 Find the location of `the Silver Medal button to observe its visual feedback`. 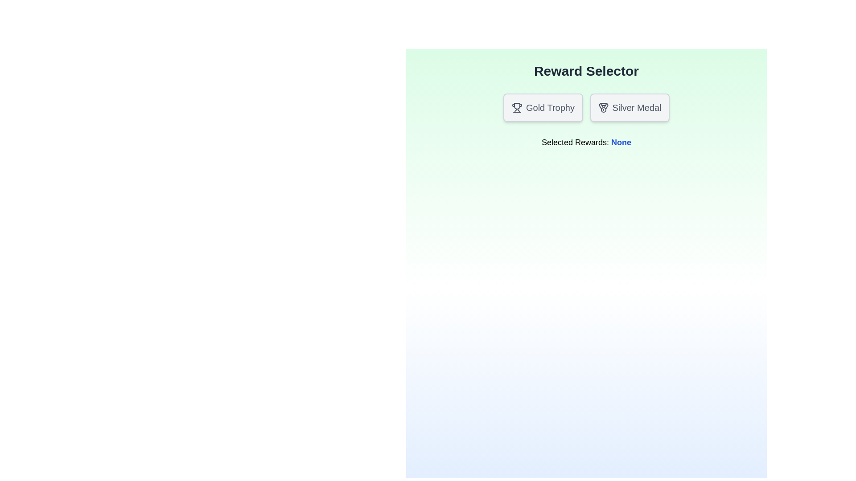

the Silver Medal button to observe its visual feedback is located at coordinates (629, 107).